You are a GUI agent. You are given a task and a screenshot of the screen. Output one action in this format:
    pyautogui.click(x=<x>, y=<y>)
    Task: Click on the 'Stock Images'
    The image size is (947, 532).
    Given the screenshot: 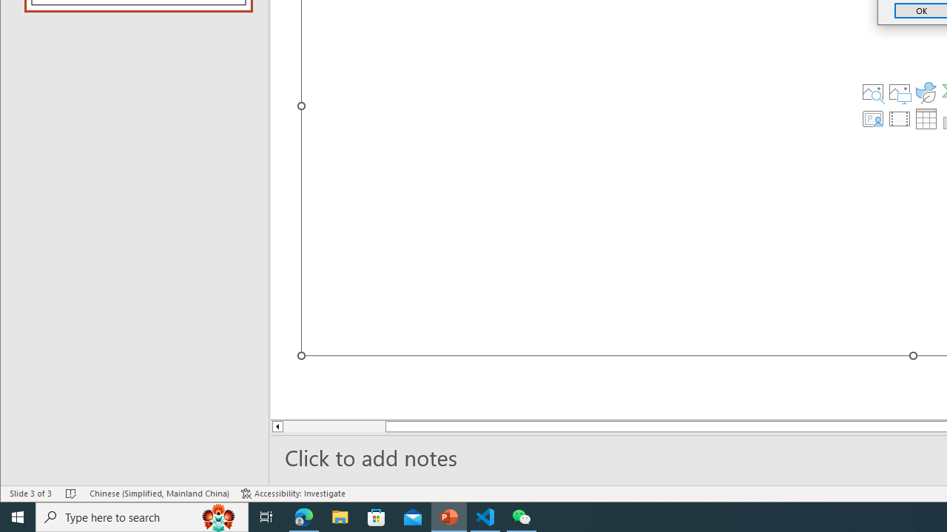 What is the action you would take?
    pyautogui.click(x=872, y=92)
    